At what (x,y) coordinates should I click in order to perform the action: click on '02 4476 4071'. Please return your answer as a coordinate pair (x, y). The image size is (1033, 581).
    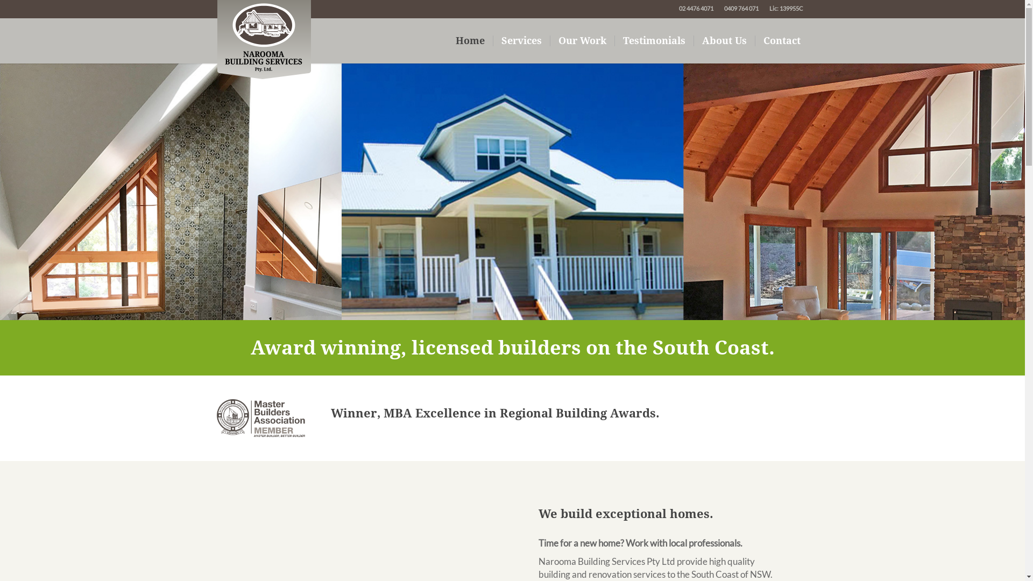
    Looking at the image, I should click on (696, 8).